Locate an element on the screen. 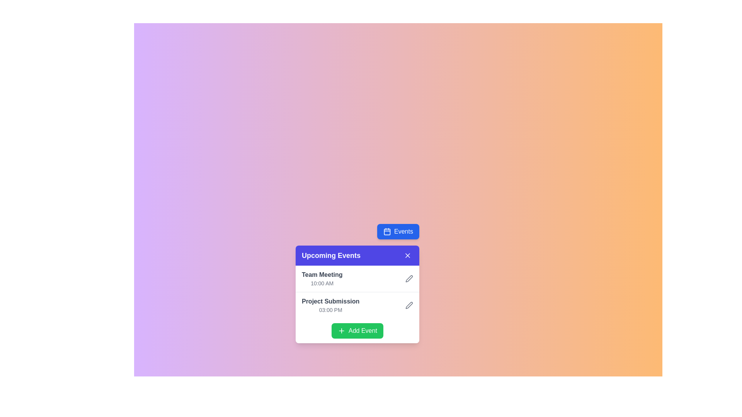 Image resolution: width=742 pixels, height=417 pixels. the editing pen icon located on the far right of the 'Team Meeting' entry in the 'Upcoming Events' list is located at coordinates (408, 278).